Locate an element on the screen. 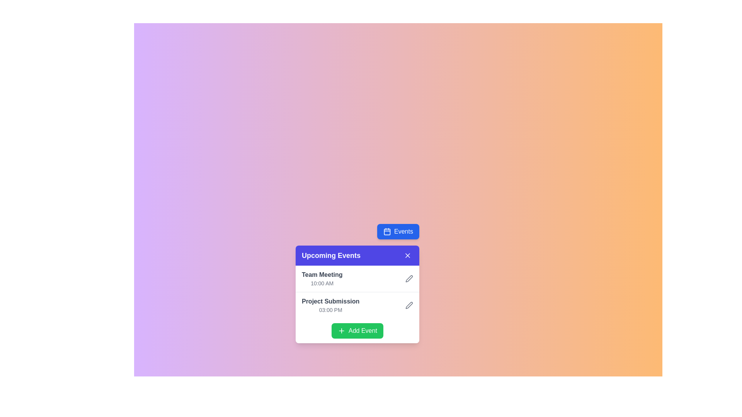 Image resolution: width=742 pixels, height=417 pixels. the editing pen icon located on the far right of the 'Team Meeting' entry in the 'Upcoming Events' list is located at coordinates (408, 278).